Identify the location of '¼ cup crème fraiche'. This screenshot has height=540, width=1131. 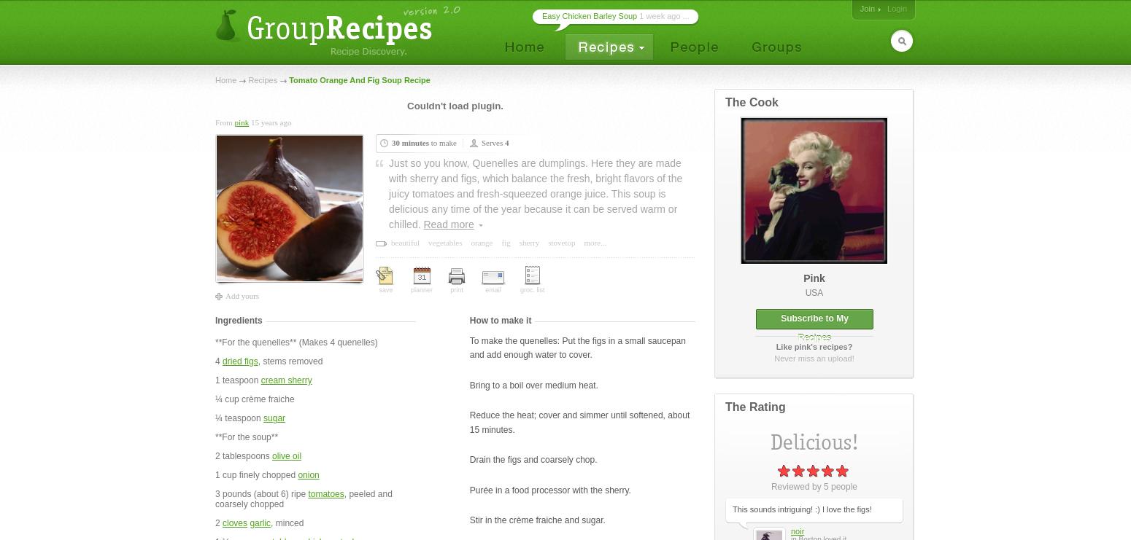
(254, 399).